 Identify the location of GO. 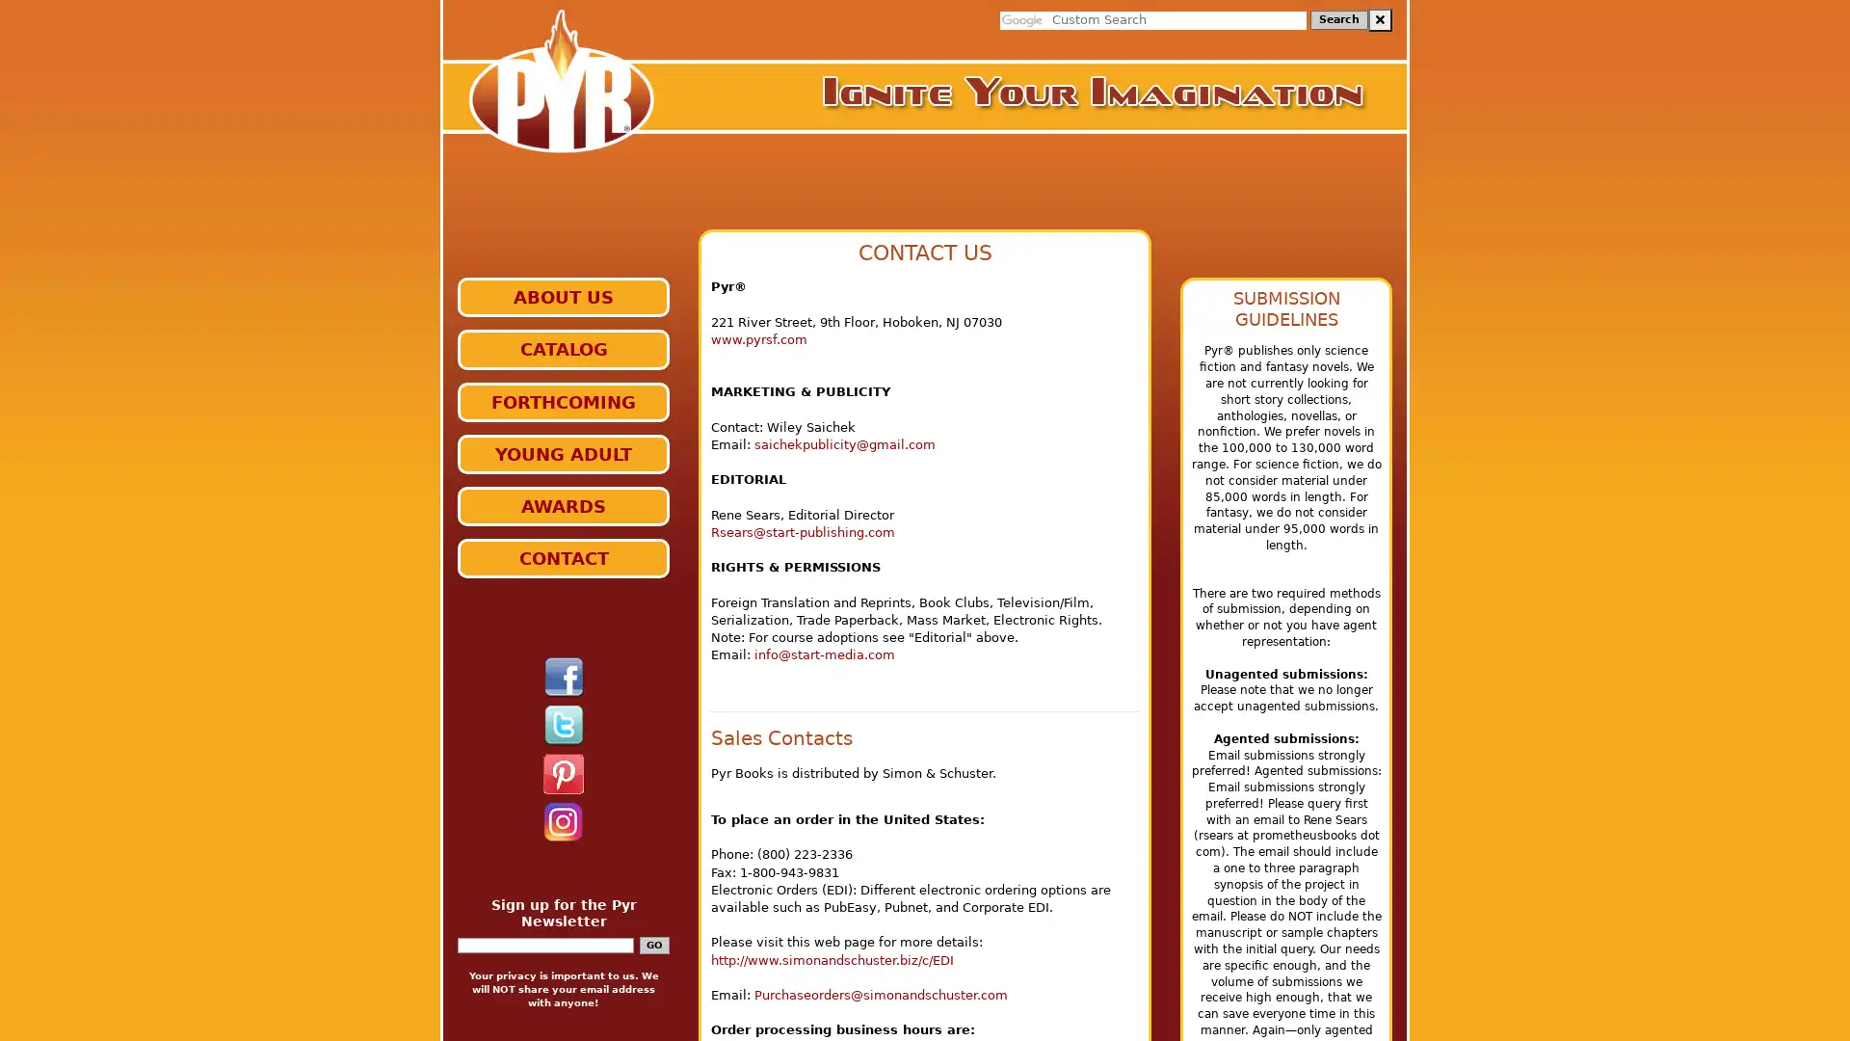
(653, 943).